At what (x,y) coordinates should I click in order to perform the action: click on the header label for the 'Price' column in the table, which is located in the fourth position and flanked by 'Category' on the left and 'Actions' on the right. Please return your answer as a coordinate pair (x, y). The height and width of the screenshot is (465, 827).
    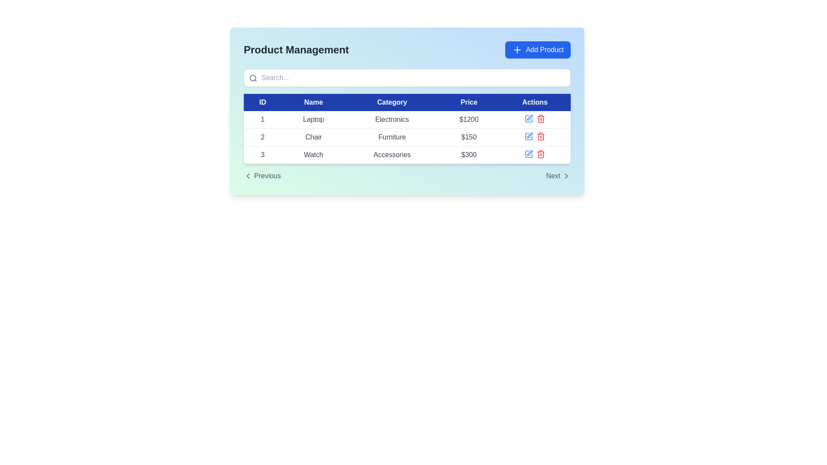
    Looking at the image, I should click on (468, 102).